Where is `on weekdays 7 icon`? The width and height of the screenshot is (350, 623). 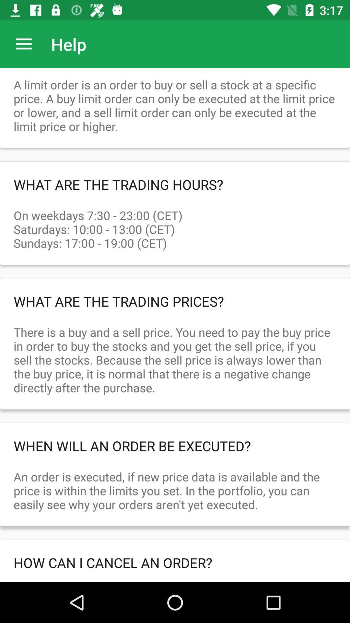 on weekdays 7 icon is located at coordinates (175, 222).